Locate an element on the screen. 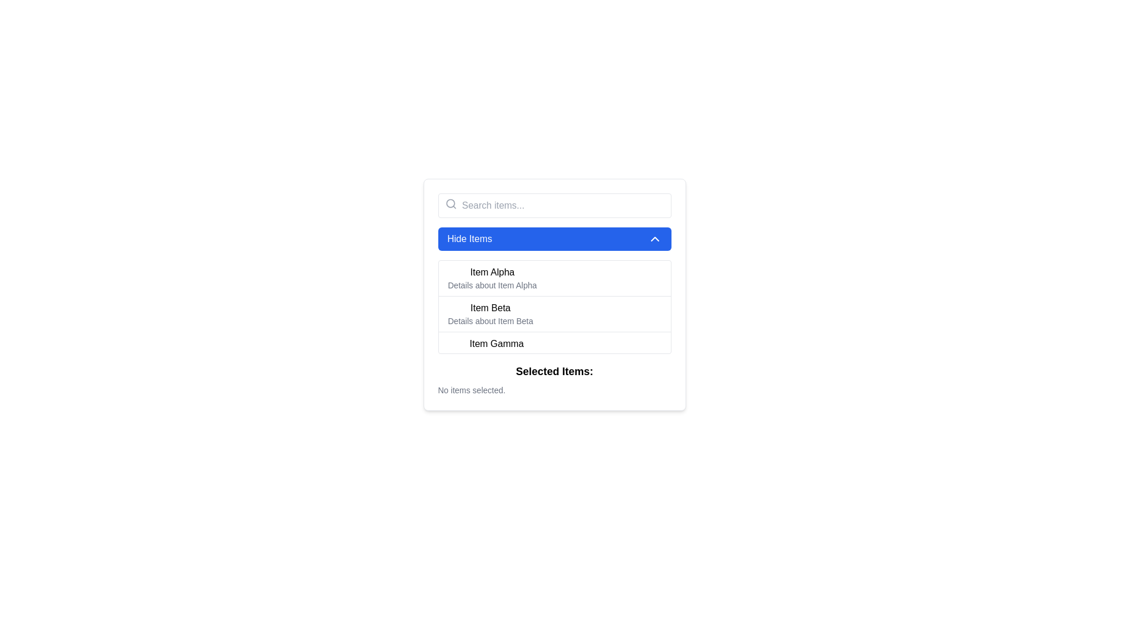  text label that specifies 'Details about Item Beta', which is styled with a smaller font size and gray color, located in the description section of the second list item, directly below the 'Item Beta' title is located at coordinates (490, 321).